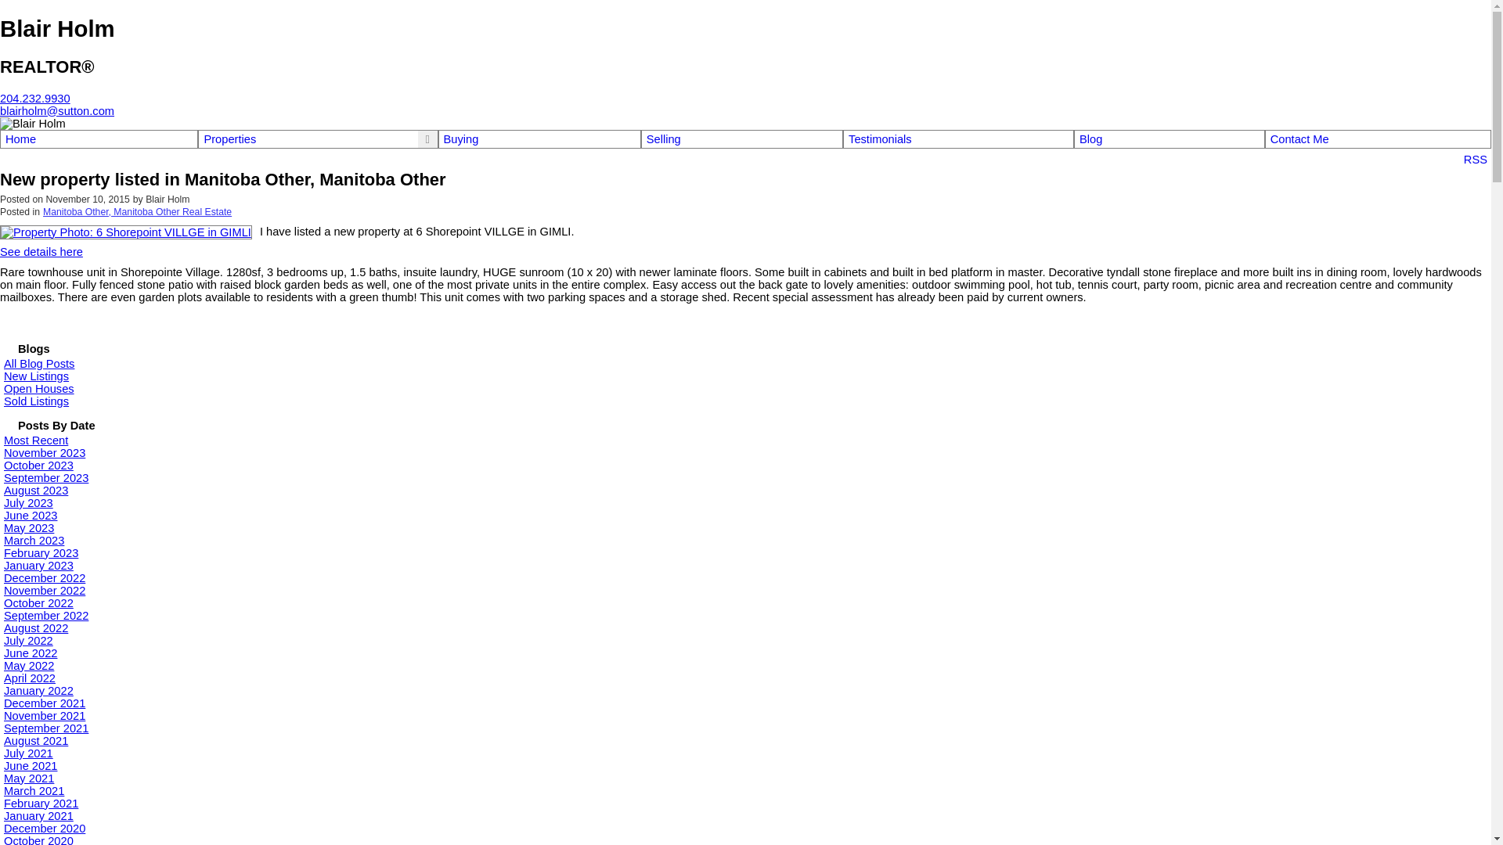  Describe the element at coordinates (45, 476) in the screenshot. I see `'September 2023'` at that location.